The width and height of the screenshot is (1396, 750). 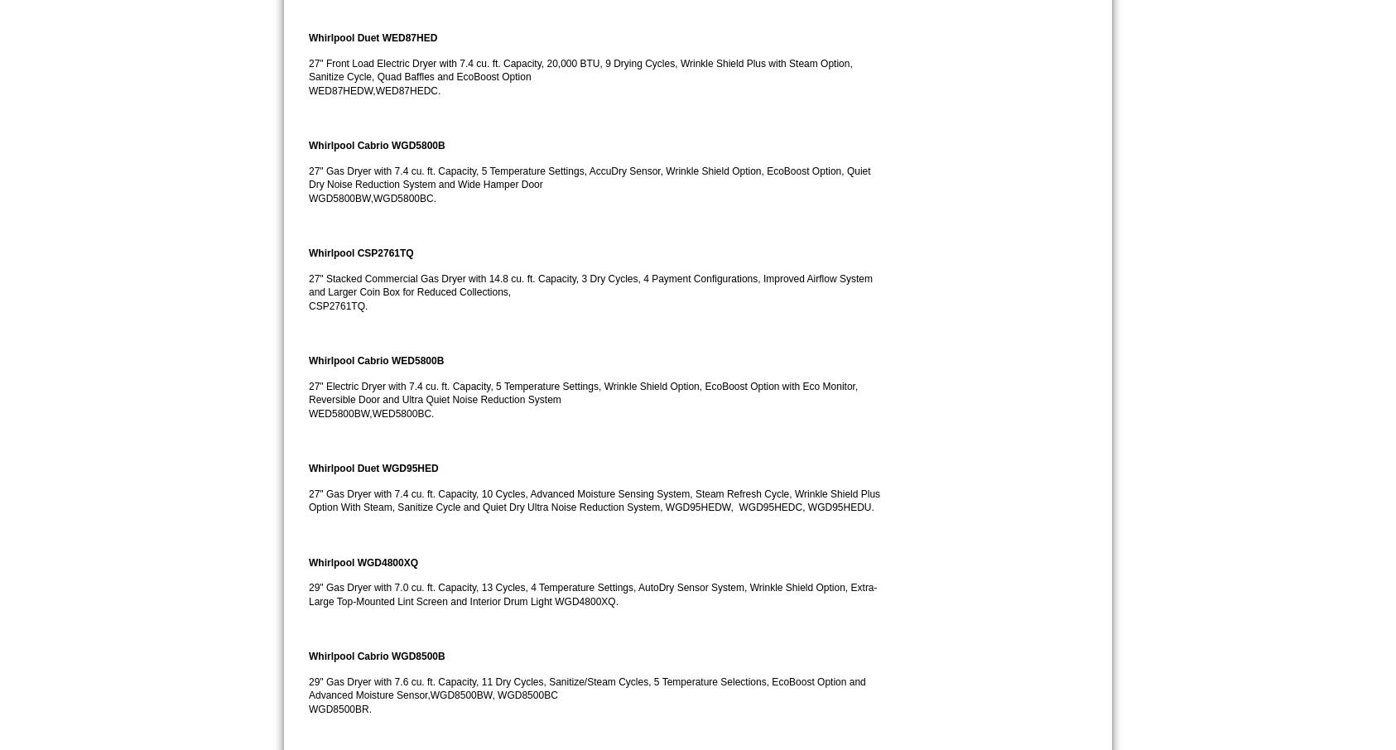 What do you see at coordinates (373, 467) in the screenshot?
I see `'Whirlpool Duet WGD95HED'` at bounding box center [373, 467].